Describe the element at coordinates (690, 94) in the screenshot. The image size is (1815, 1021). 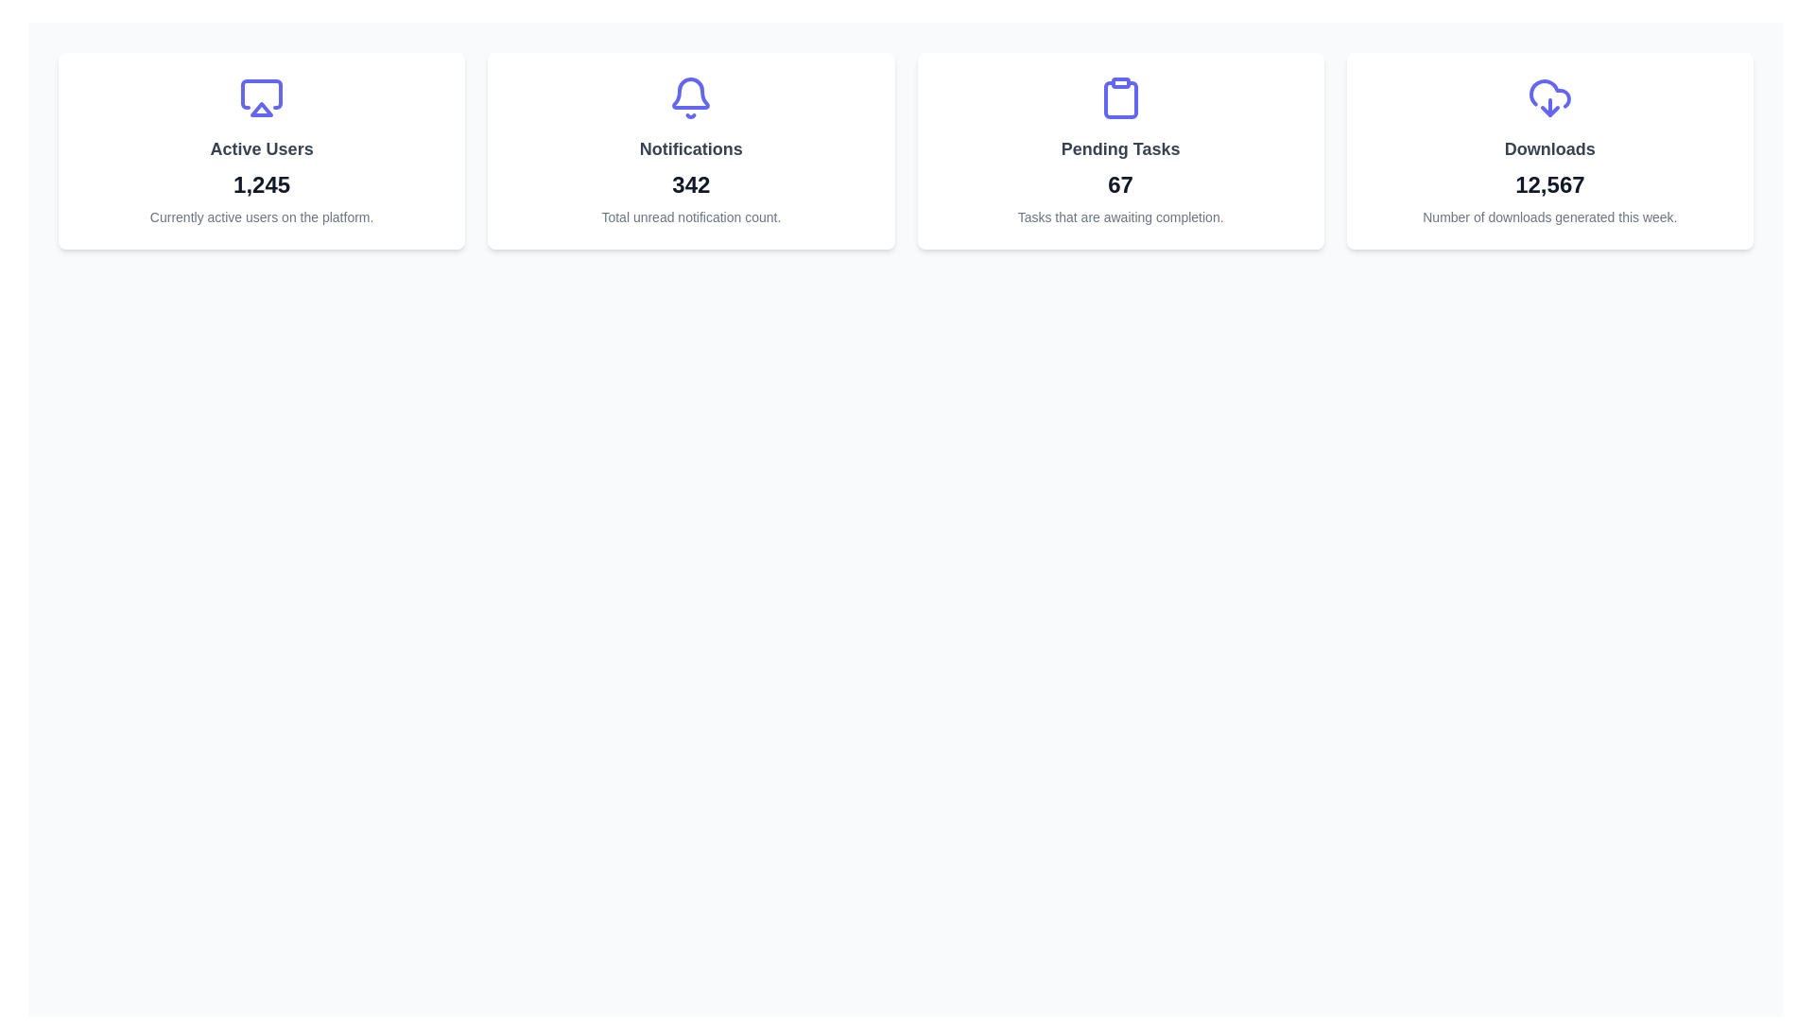
I see `the Bell Symbol icon, which represents the notifications feature located at the top center of the Notifications card` at that location.